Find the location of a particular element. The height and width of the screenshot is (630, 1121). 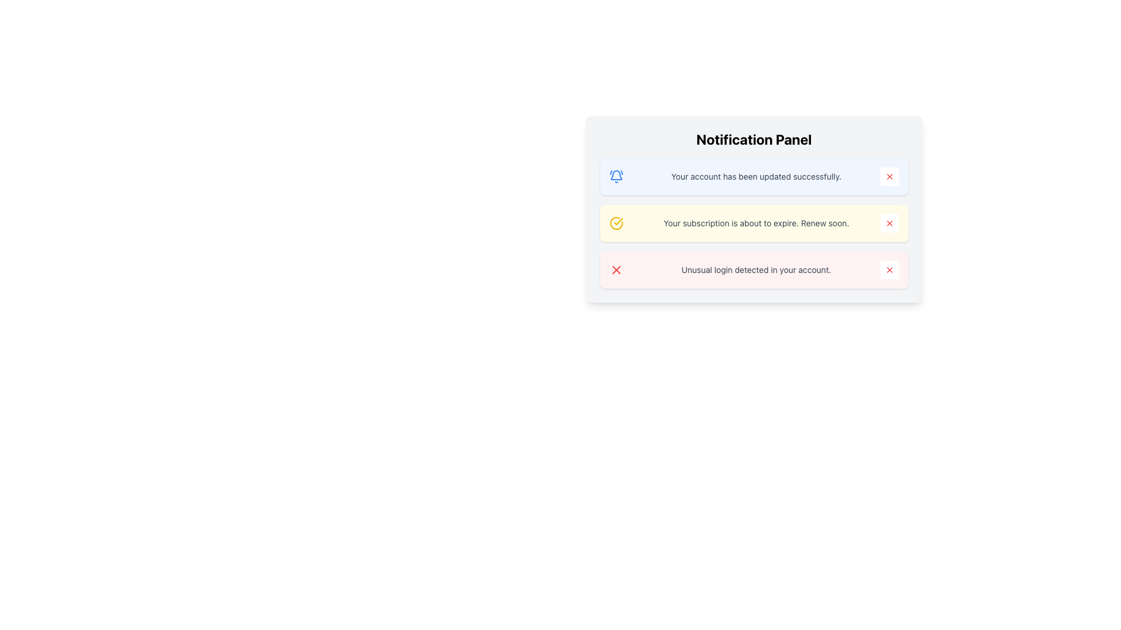

the icon resembling a checkmark within the second notification item in the Notification Panel, which has a yellow background indicating subscription expiration is located at coordinates (615, 223).